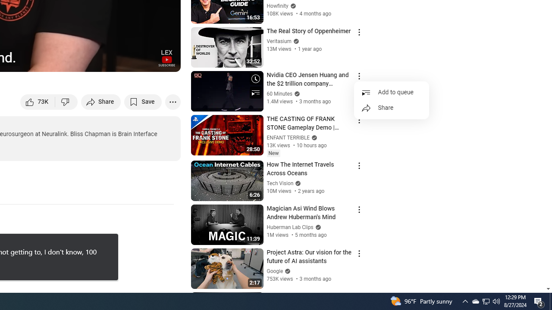 The image size is (552, 310). Describe the element at coordinates (166, 58) in the screenshot. I see `'Channel watermark'` at that location.